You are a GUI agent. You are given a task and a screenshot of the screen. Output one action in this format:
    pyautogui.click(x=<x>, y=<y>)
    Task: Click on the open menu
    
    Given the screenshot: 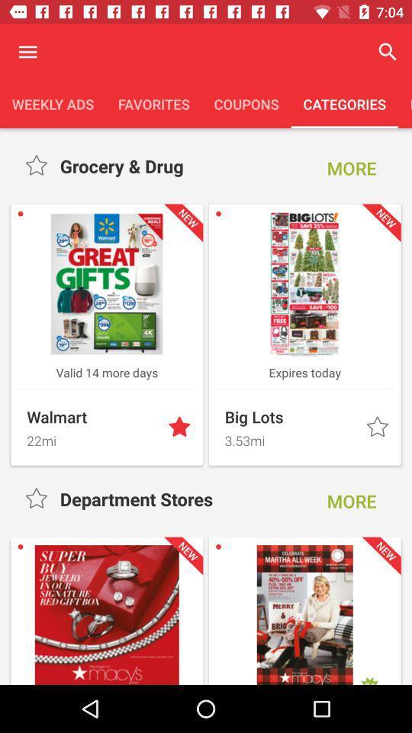 What is the action you would take?
    pyautogui.click(x=27, y=52)
    